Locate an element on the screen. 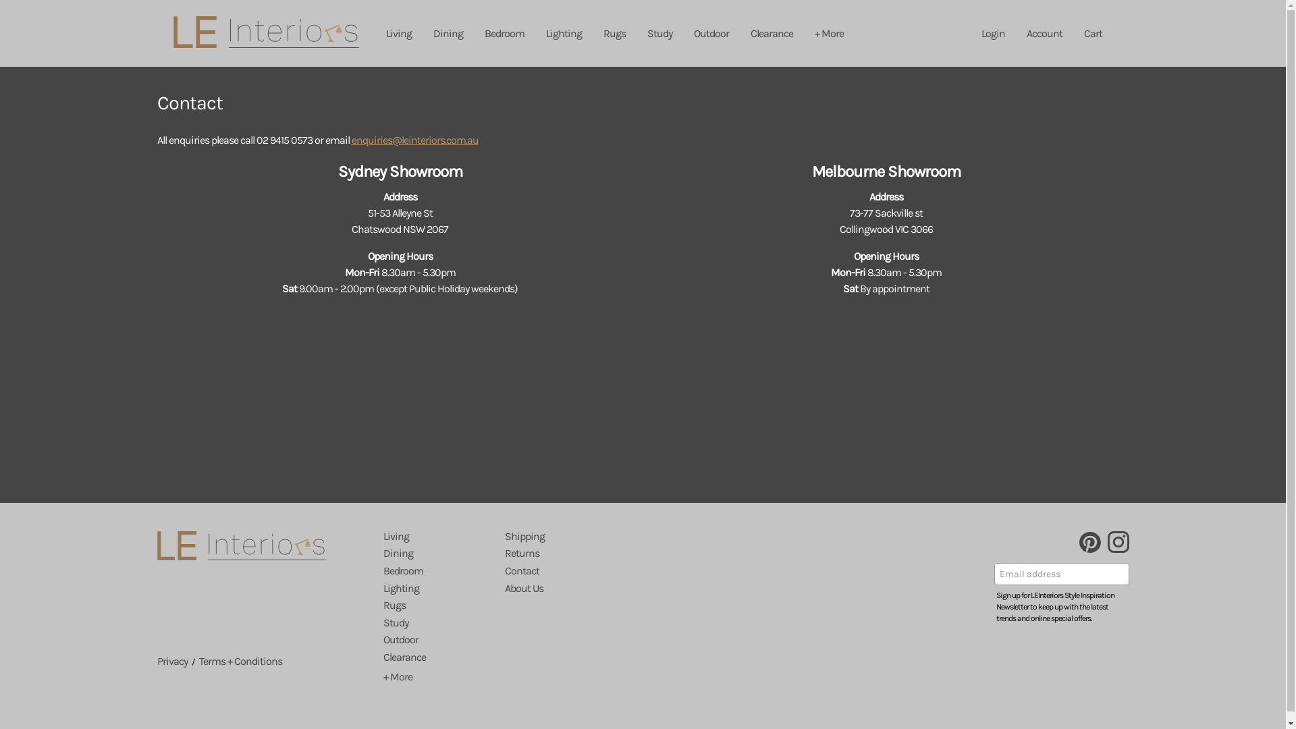 Image resolution: width=1296 pixels, height=729 pixels. 'Account' is located at coordinates (1043, 32).